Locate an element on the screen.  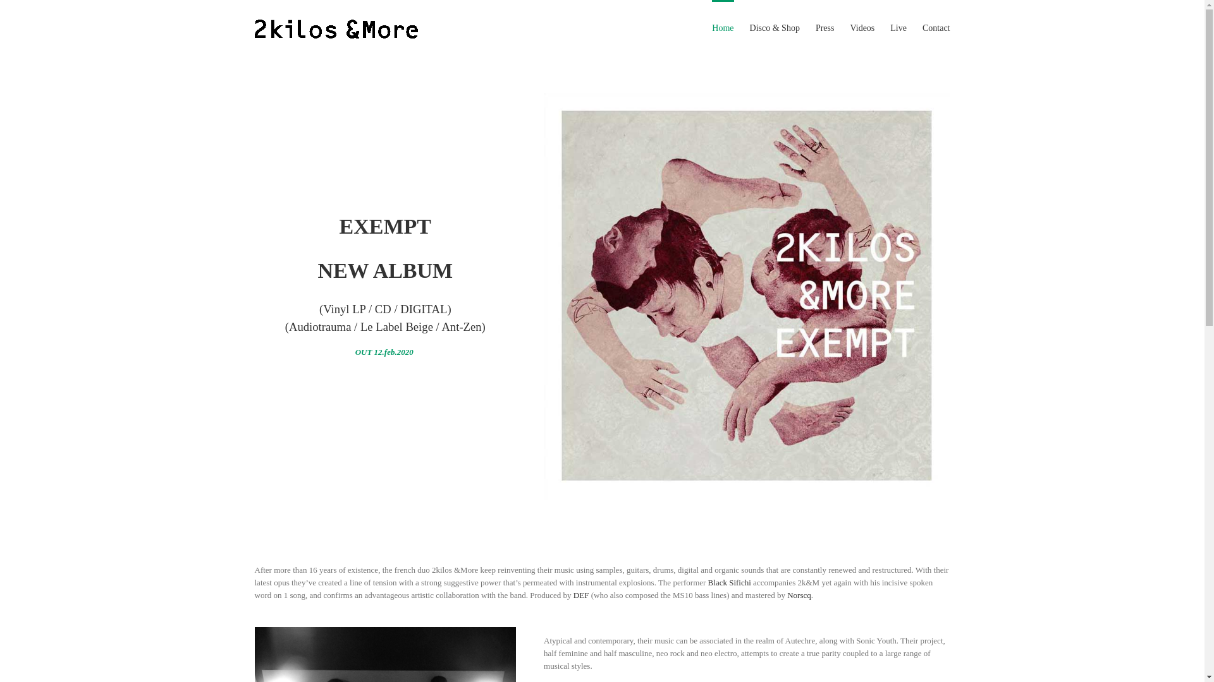
'Norscq' is located at coordinates (786, 595).